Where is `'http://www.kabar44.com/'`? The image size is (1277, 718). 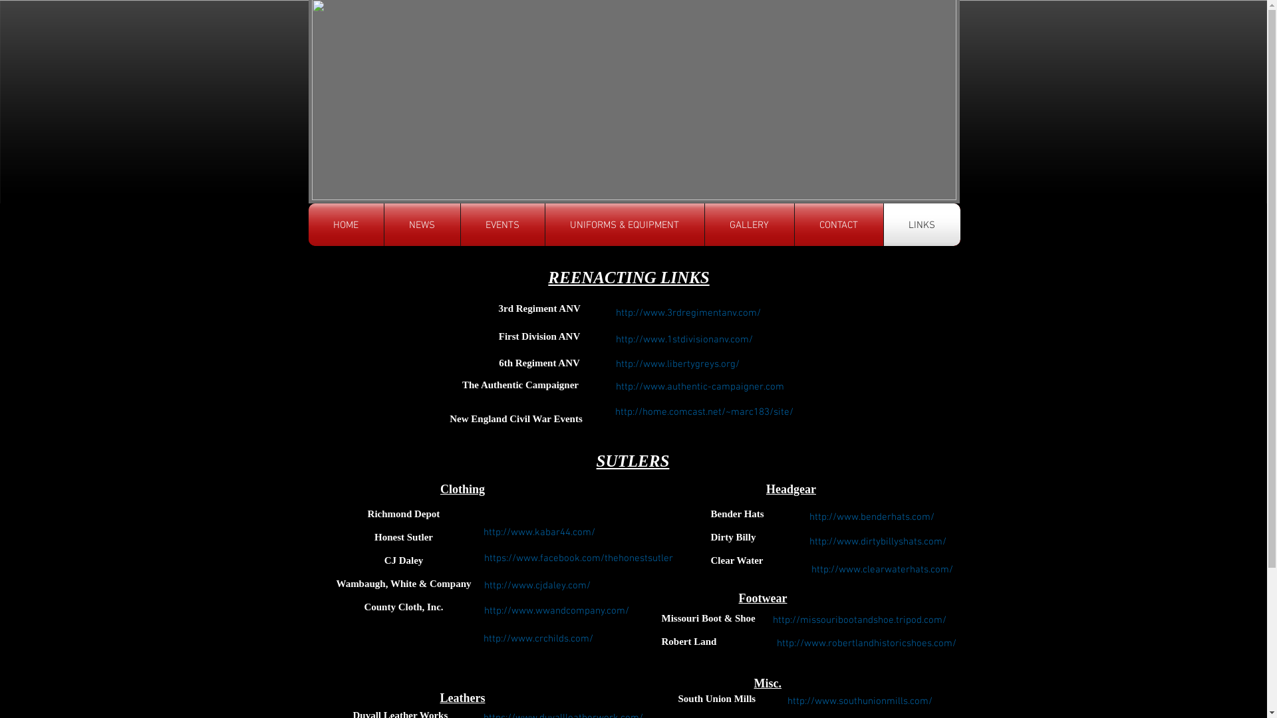 'http://www.kabar44.com/' is located at coordinates (539, 530).